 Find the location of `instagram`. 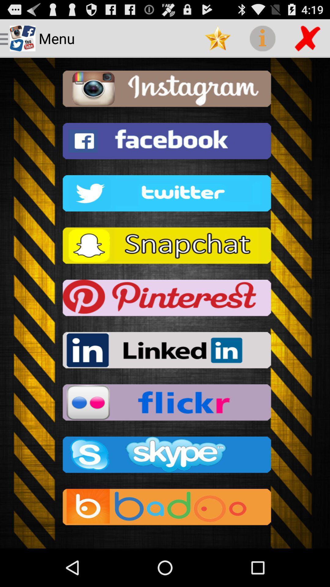

instagram is located at coordinates (165, 90).